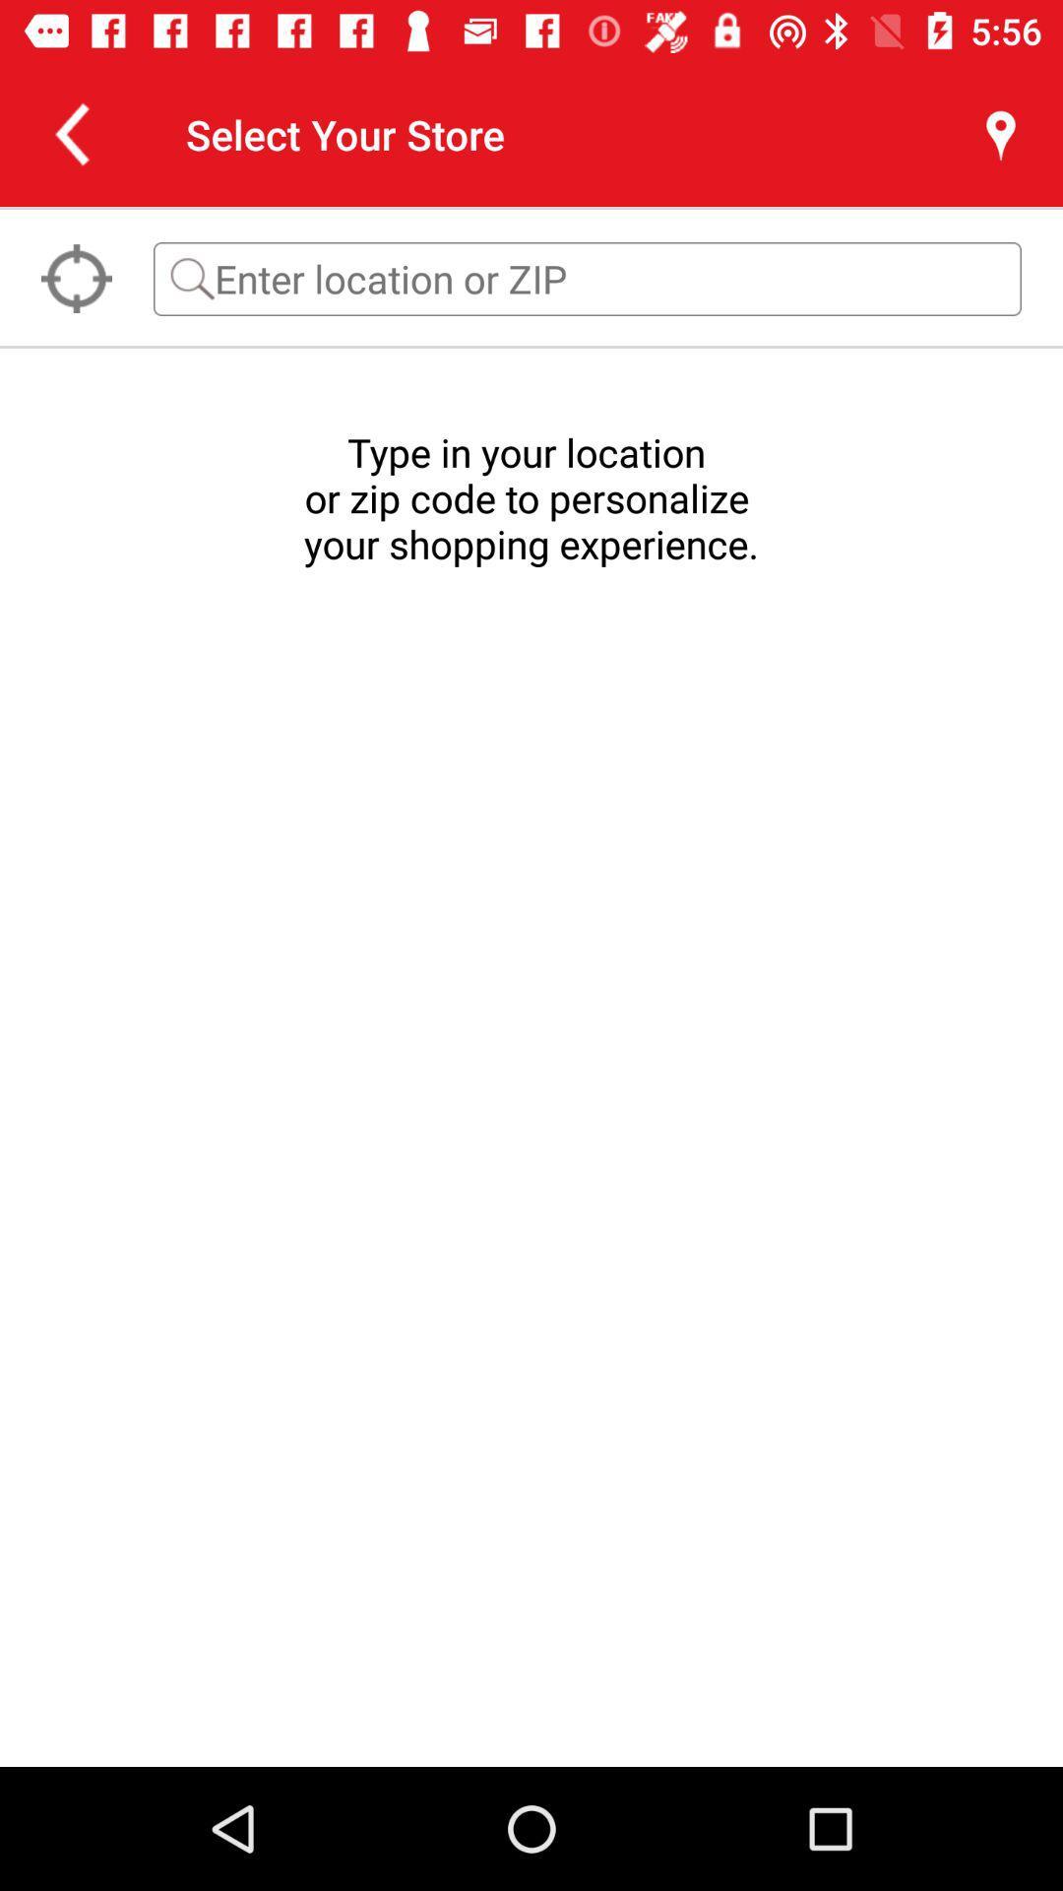 This screenshot has width=1063, height=1891. Describe the element at coordinates (75, 278) in the screenshot. I see `the location_crosshair icon` at that location.